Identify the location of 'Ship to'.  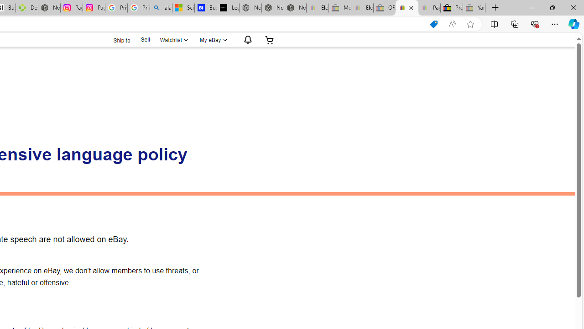
(115, 39).